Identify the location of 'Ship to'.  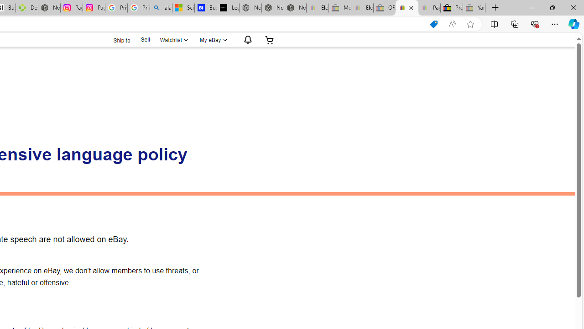
(115, 39).